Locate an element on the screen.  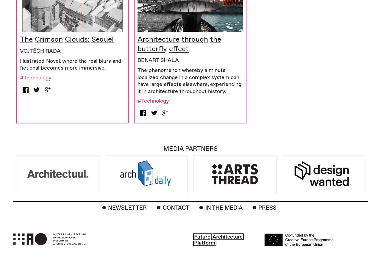
'Media Partners' is located at coordinates (190, 148).